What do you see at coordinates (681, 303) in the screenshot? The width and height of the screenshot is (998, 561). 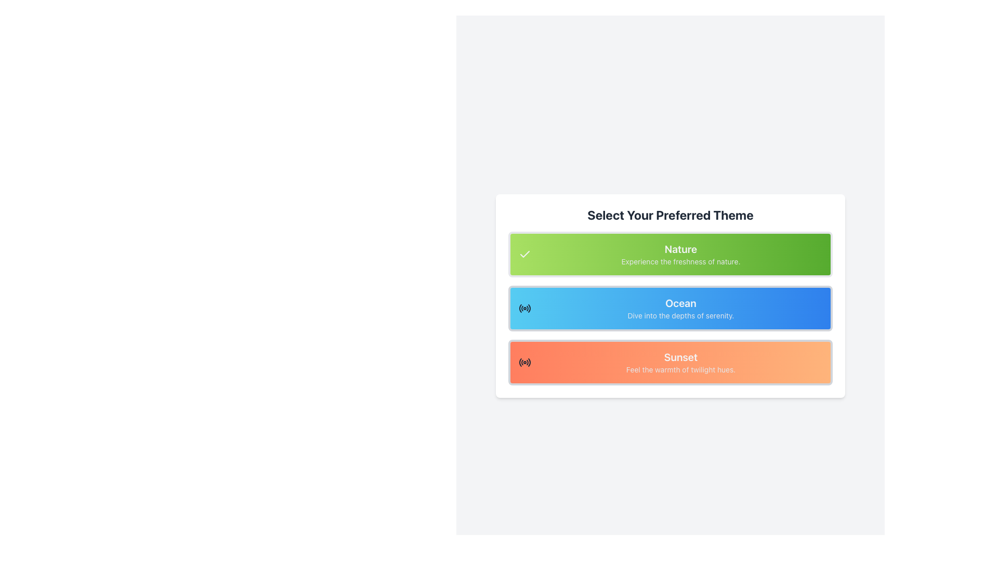 I see `the text label representing the title for the 'Ocean' theme selection option, which is located under the second header 'Select Your Preferred Theme'` at bounding box center [681, 303].